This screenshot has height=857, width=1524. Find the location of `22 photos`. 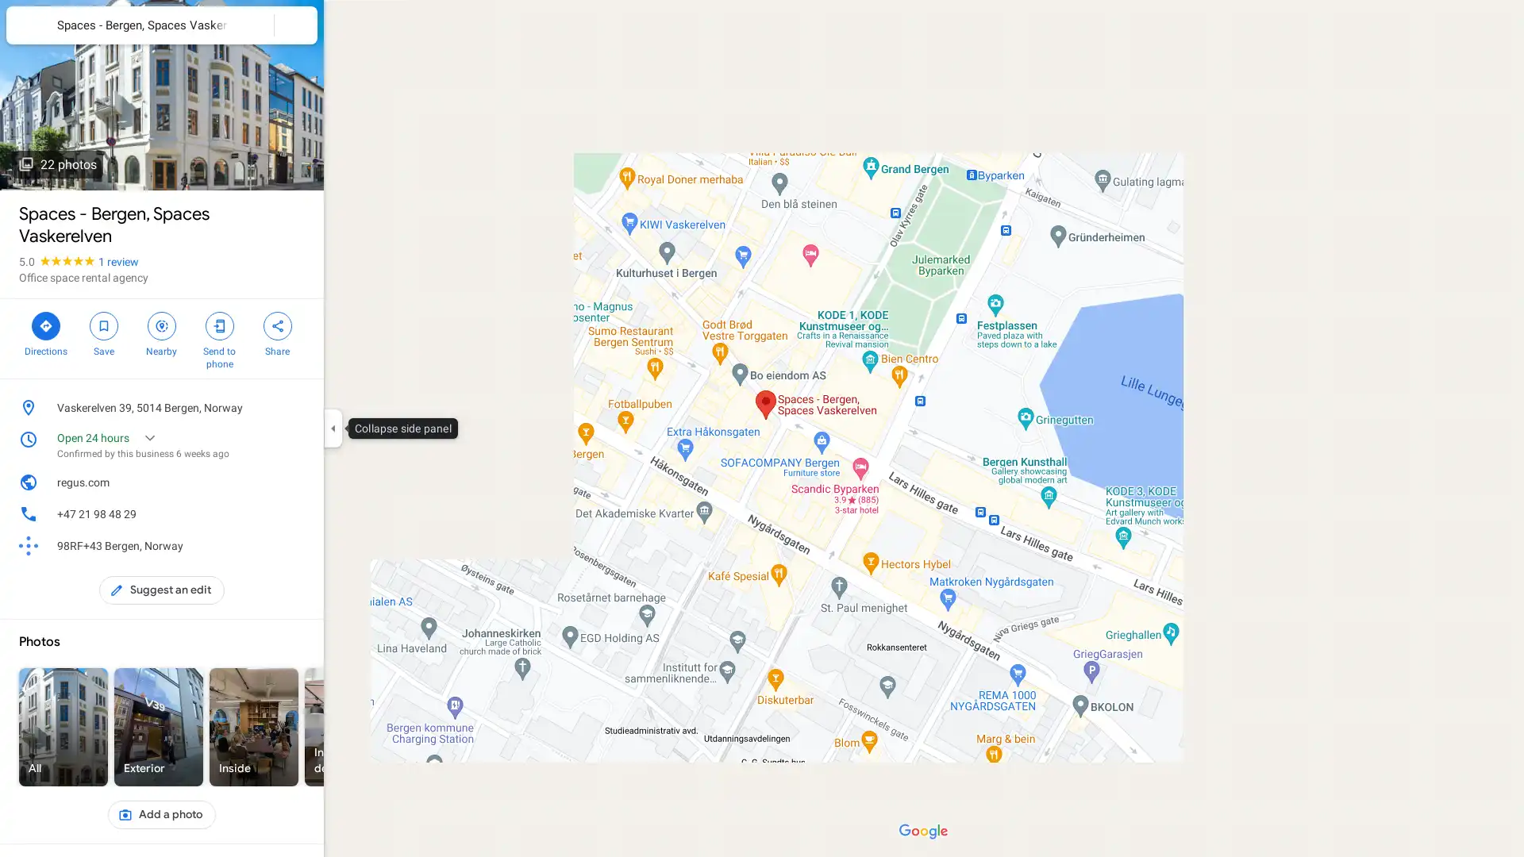

22 photos is located at coordinates (57, 164).